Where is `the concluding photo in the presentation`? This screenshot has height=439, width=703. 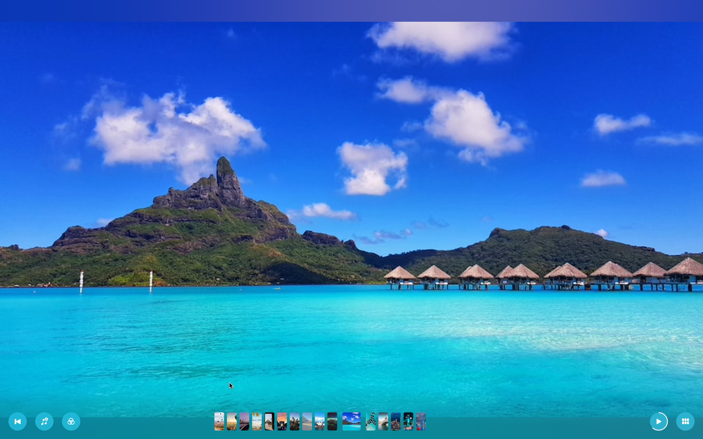
the concluding photo in the presentation is located at coordinates (421, 422).